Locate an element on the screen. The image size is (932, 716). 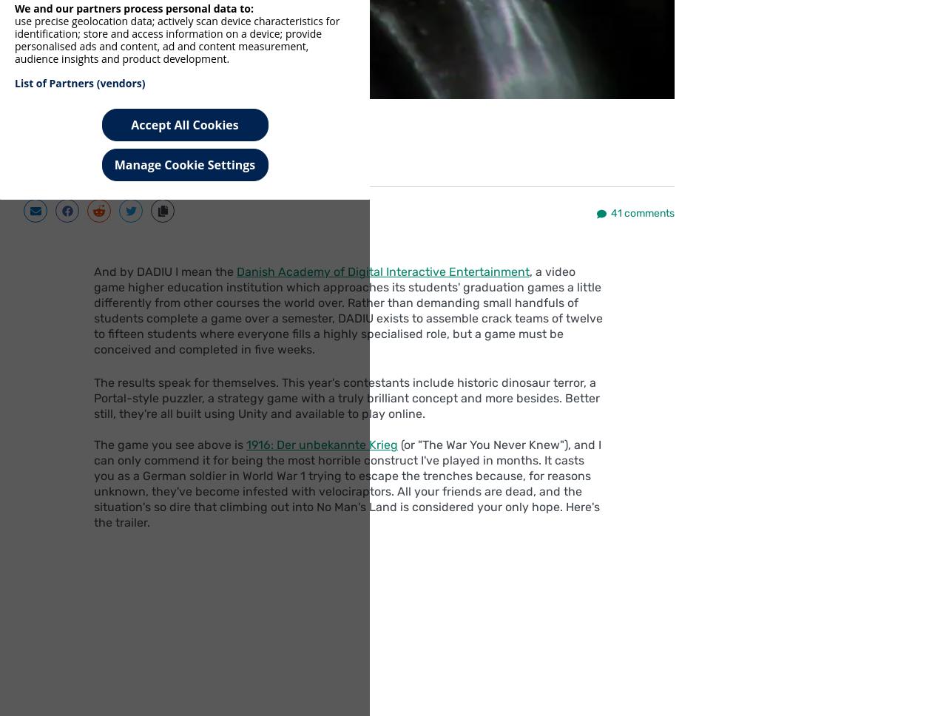
'Quintin Smith' is located at coordinates (170, 134).